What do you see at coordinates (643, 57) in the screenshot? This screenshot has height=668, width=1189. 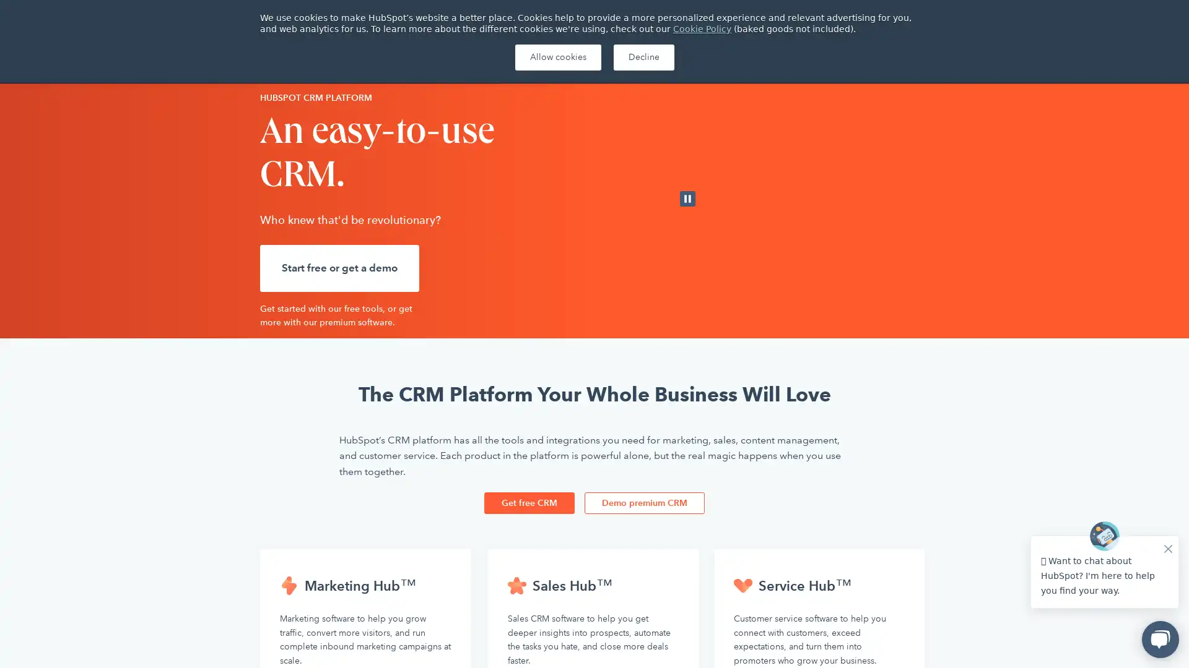 I see `Decline` at bounding box center [643, 57].